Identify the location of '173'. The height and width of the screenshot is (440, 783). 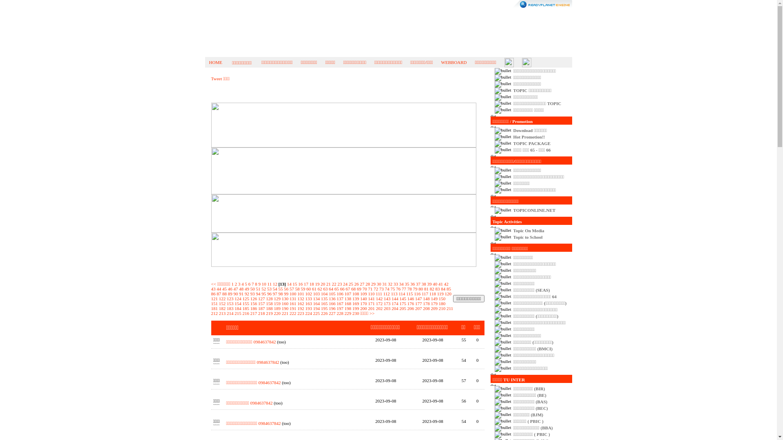
(383, 303).